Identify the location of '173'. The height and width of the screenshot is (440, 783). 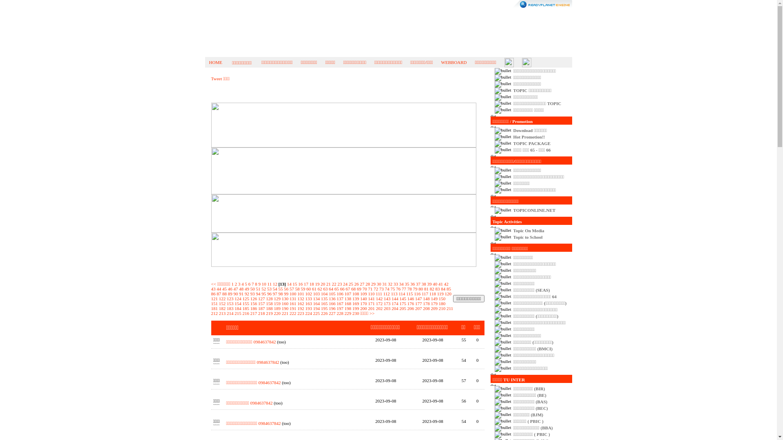
(383, 303).